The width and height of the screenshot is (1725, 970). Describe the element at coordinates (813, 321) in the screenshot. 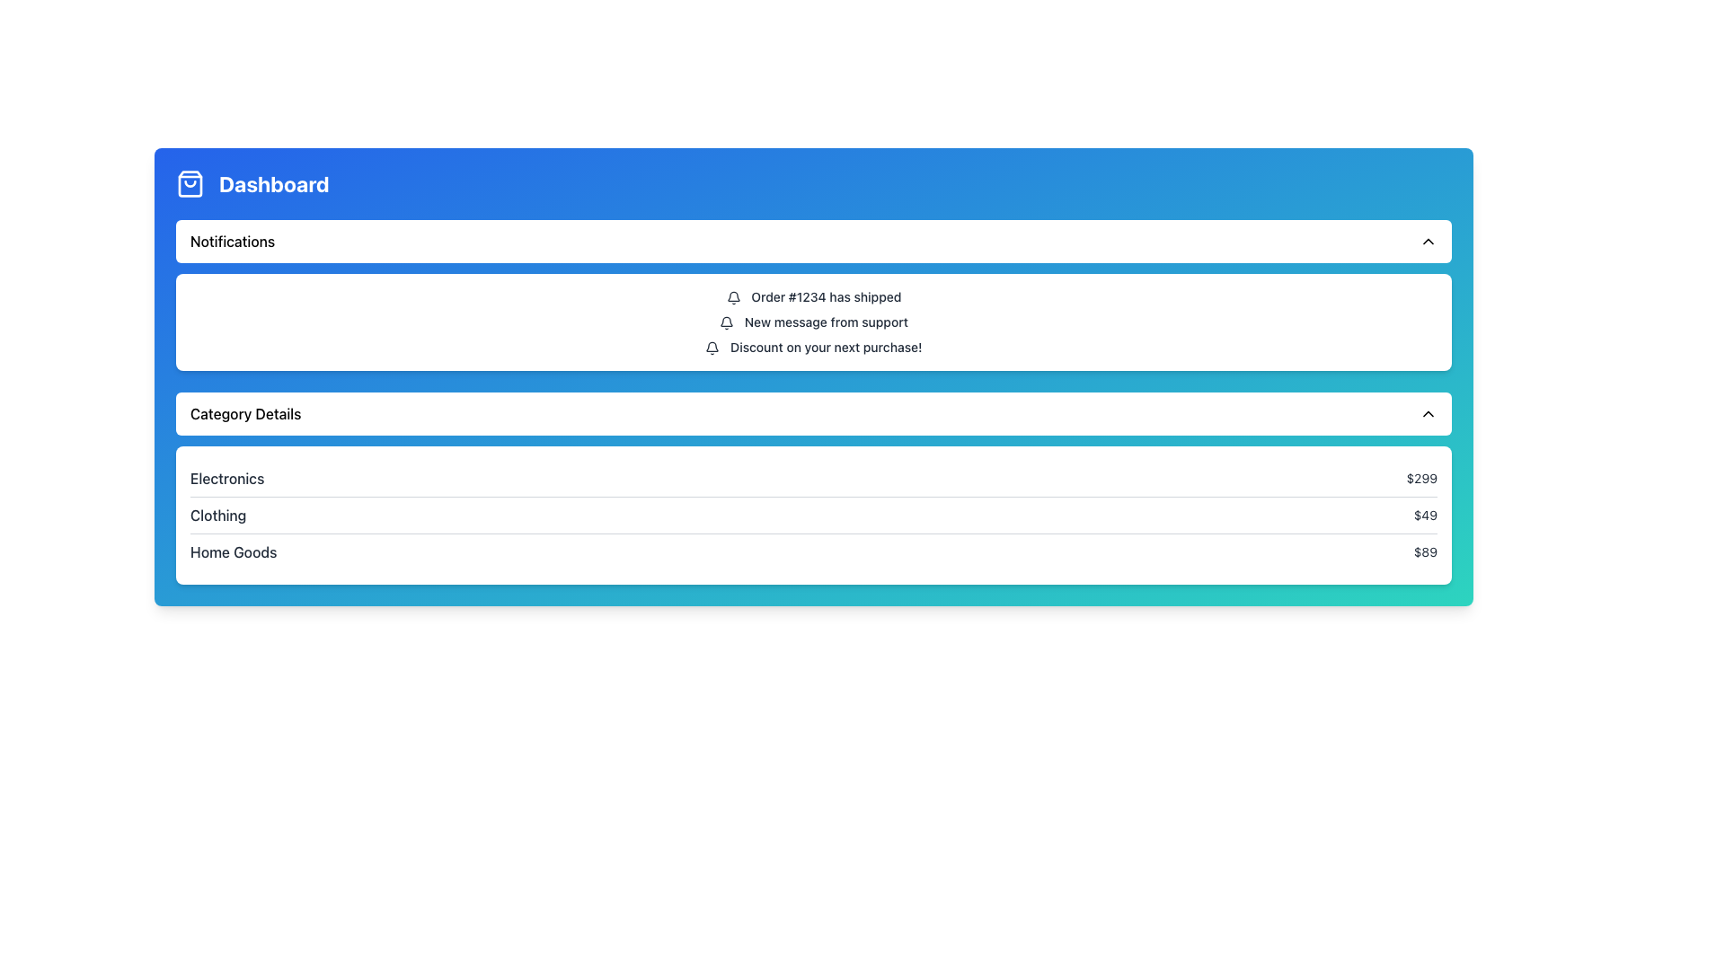

I see `text from the second notification entry within the notification card, which is centrally placed` at that location.